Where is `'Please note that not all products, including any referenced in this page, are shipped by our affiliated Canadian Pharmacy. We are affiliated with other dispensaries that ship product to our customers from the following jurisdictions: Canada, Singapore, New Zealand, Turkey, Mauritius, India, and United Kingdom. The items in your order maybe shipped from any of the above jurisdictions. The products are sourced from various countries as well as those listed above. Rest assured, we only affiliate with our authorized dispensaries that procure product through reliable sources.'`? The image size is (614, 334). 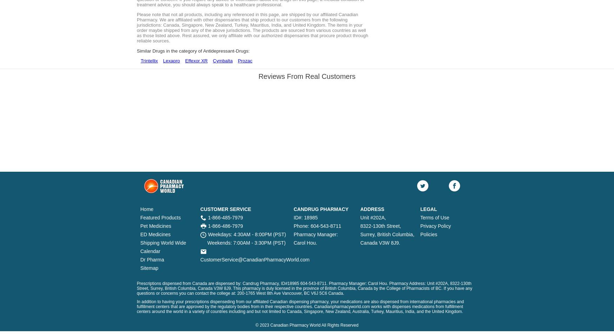 'Please note that not all products, including any referenced in this page, are shipped by our affiliated Canadian Pharmacy. We are affiliated with other dispensaries that ship product to our customers from the following jurisdictions: Canada, Singapore, New Zealand, Turkey, Mauritius, India, and United Kingdom. The items in your order maybe shipped from any of the above jurisdictions. The products are sourced from various countries as well as those listed above. Rest assured, we only affiliate with our authorized dispensaries that procure product through reliable sources.' is located at coordinates (136, 27).